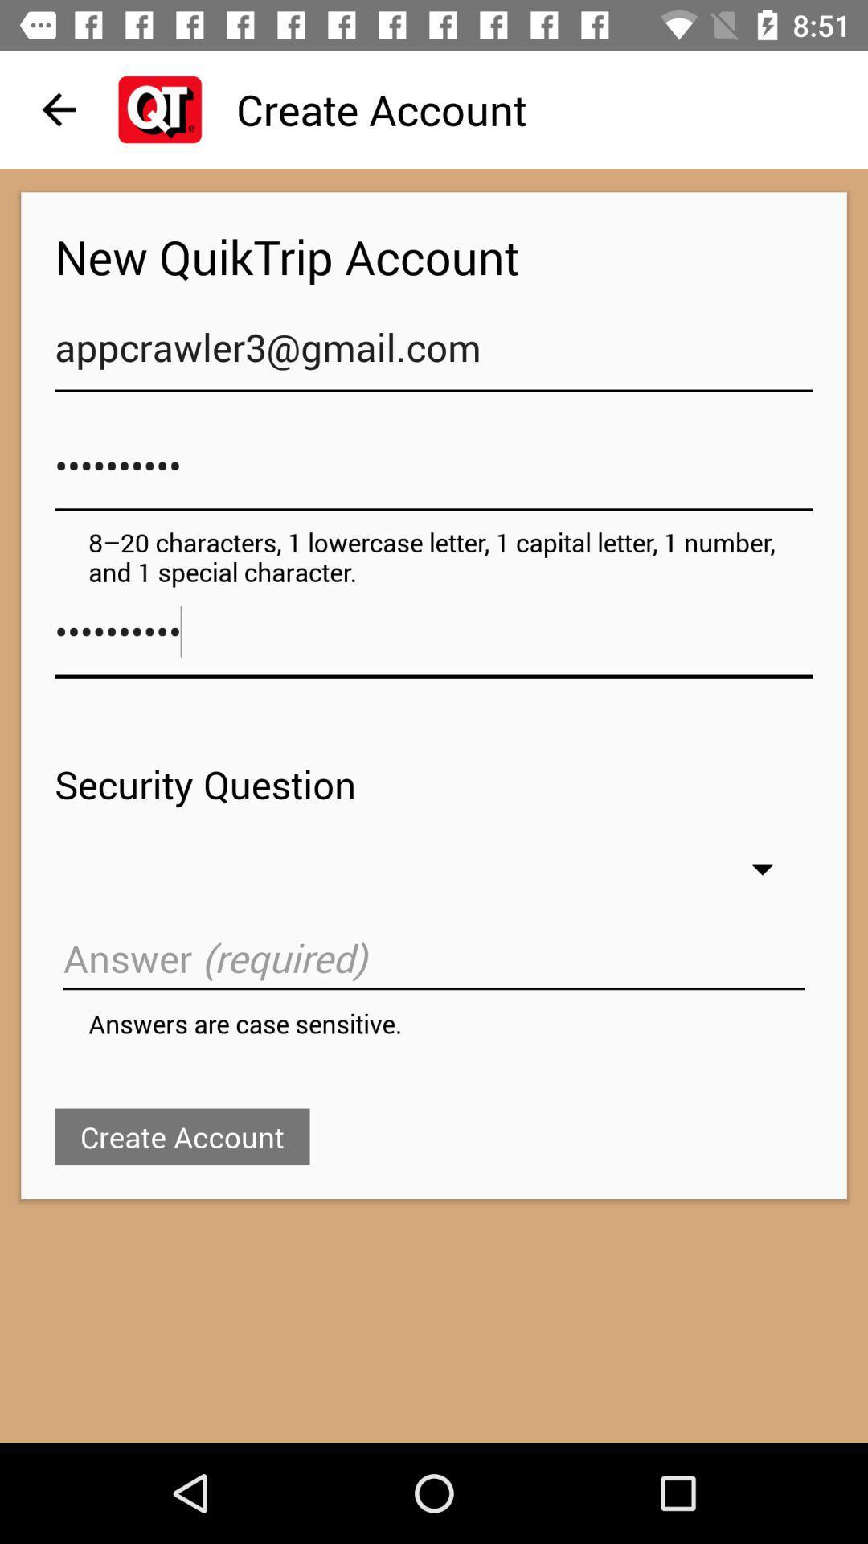  I want to click on appcrawler3@gmail.com item, so click(434, 355).